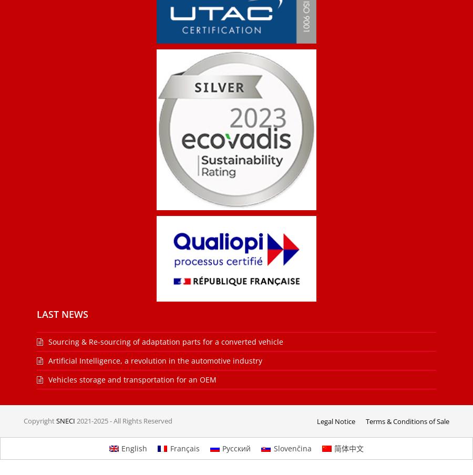 The height and width of the screenshot is (475, 473). Describe the element at coordinates (155, 359) in the screenshot. I see `'Artificial Intelligence, a revolution in the automotive industry'` at that location.